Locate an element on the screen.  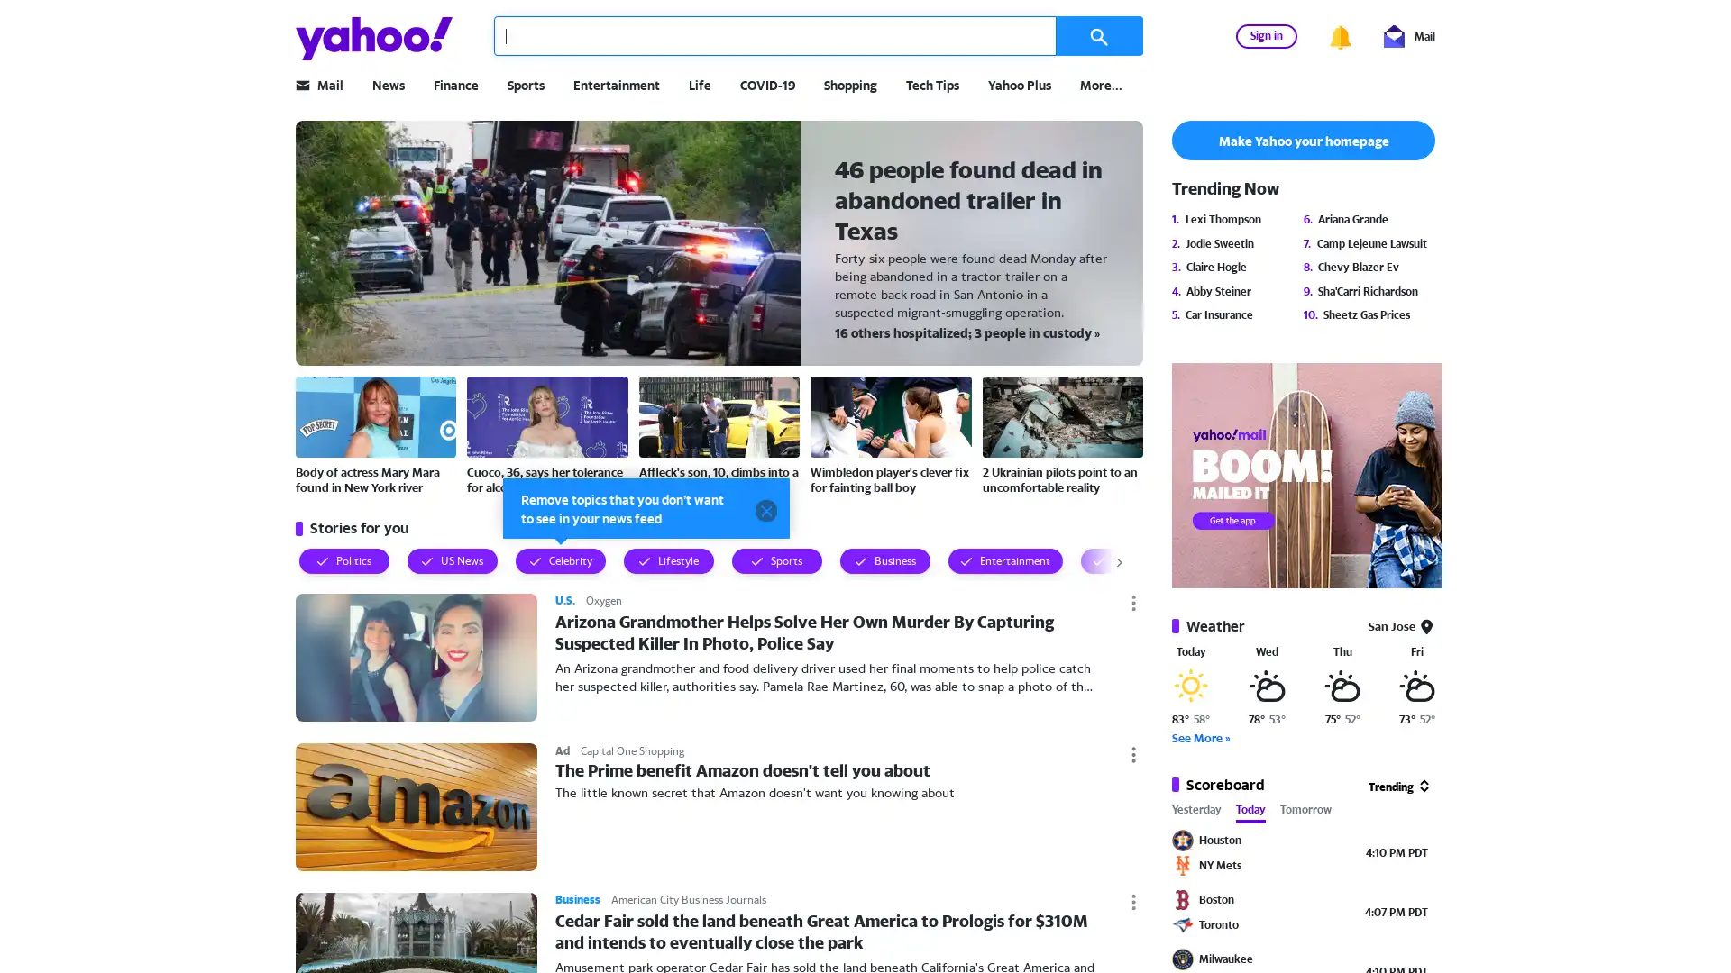
Make Yahoo your homepage is located at coordinates (1303, 139).